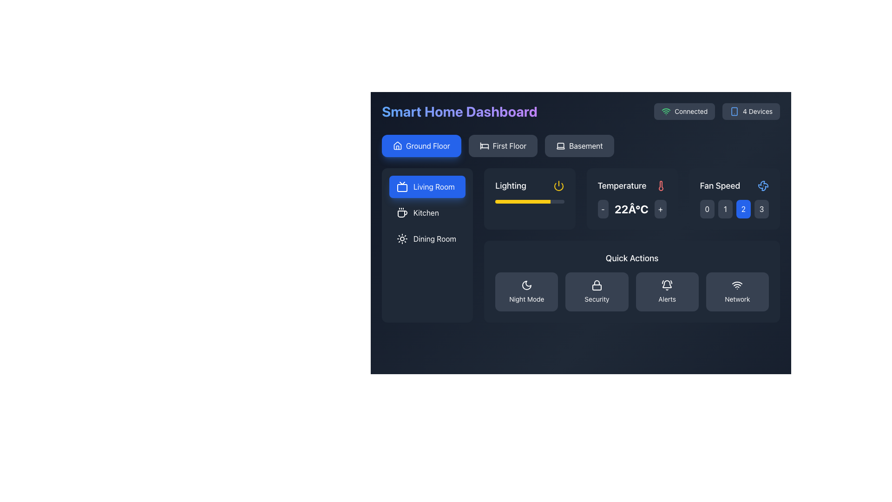  I want to click on the smartphone-related icon located to the left of the '4 Devices' label in the top-right area of the interface, so click(734, 111).